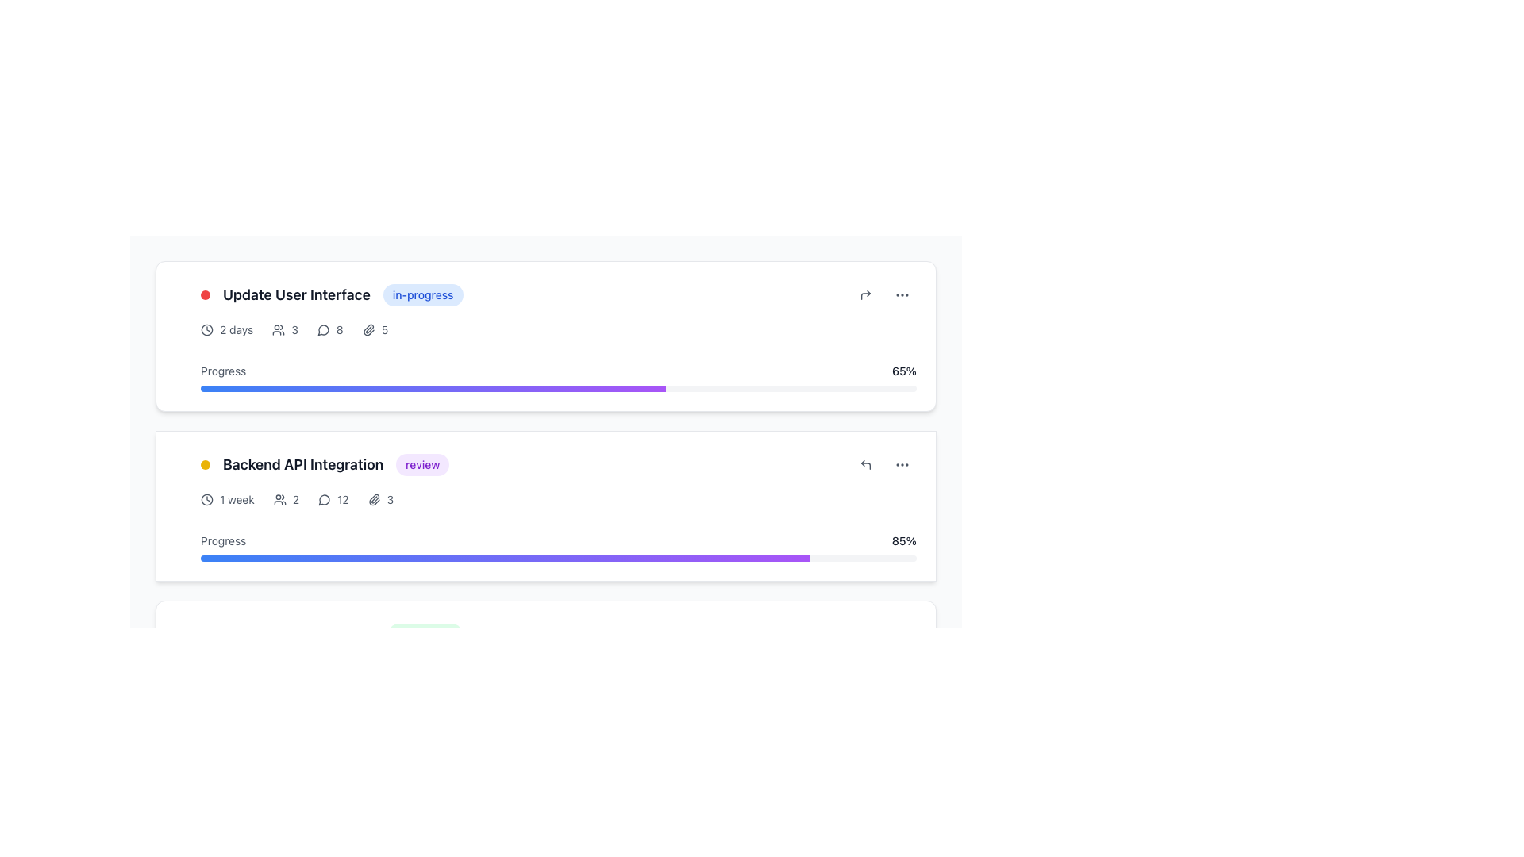 The height and width of the screenshot is (857, 1524). Describe the element at coordinates (226, 329) in the screenshot. I see `the time information displayed by the clock icon and text label grouping indicating '2 days', located in the top-left section of the 'Update User Interface' card` at that location.